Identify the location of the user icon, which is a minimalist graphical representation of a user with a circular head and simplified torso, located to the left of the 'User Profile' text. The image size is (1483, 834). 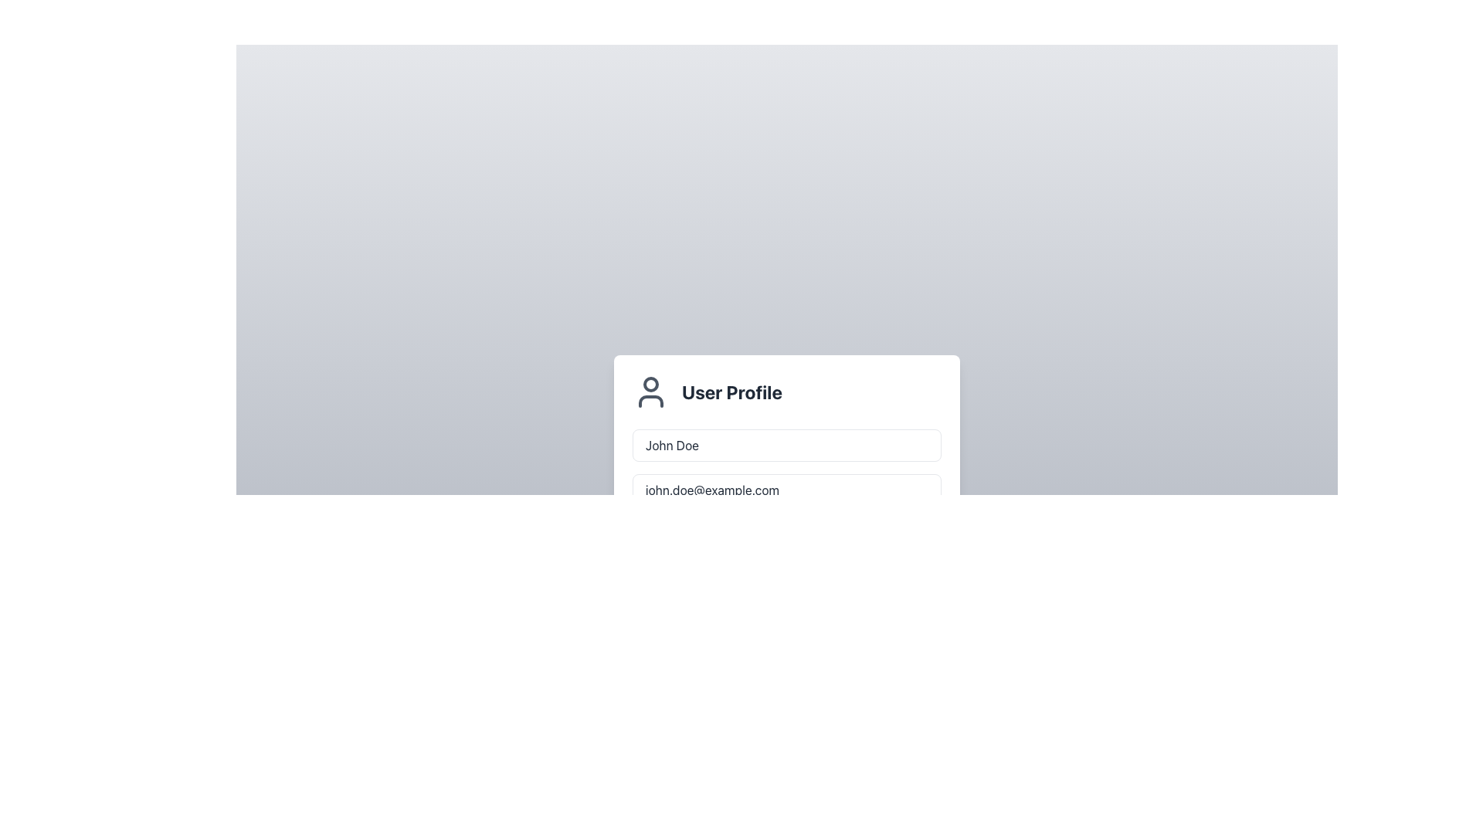
(651, 392).